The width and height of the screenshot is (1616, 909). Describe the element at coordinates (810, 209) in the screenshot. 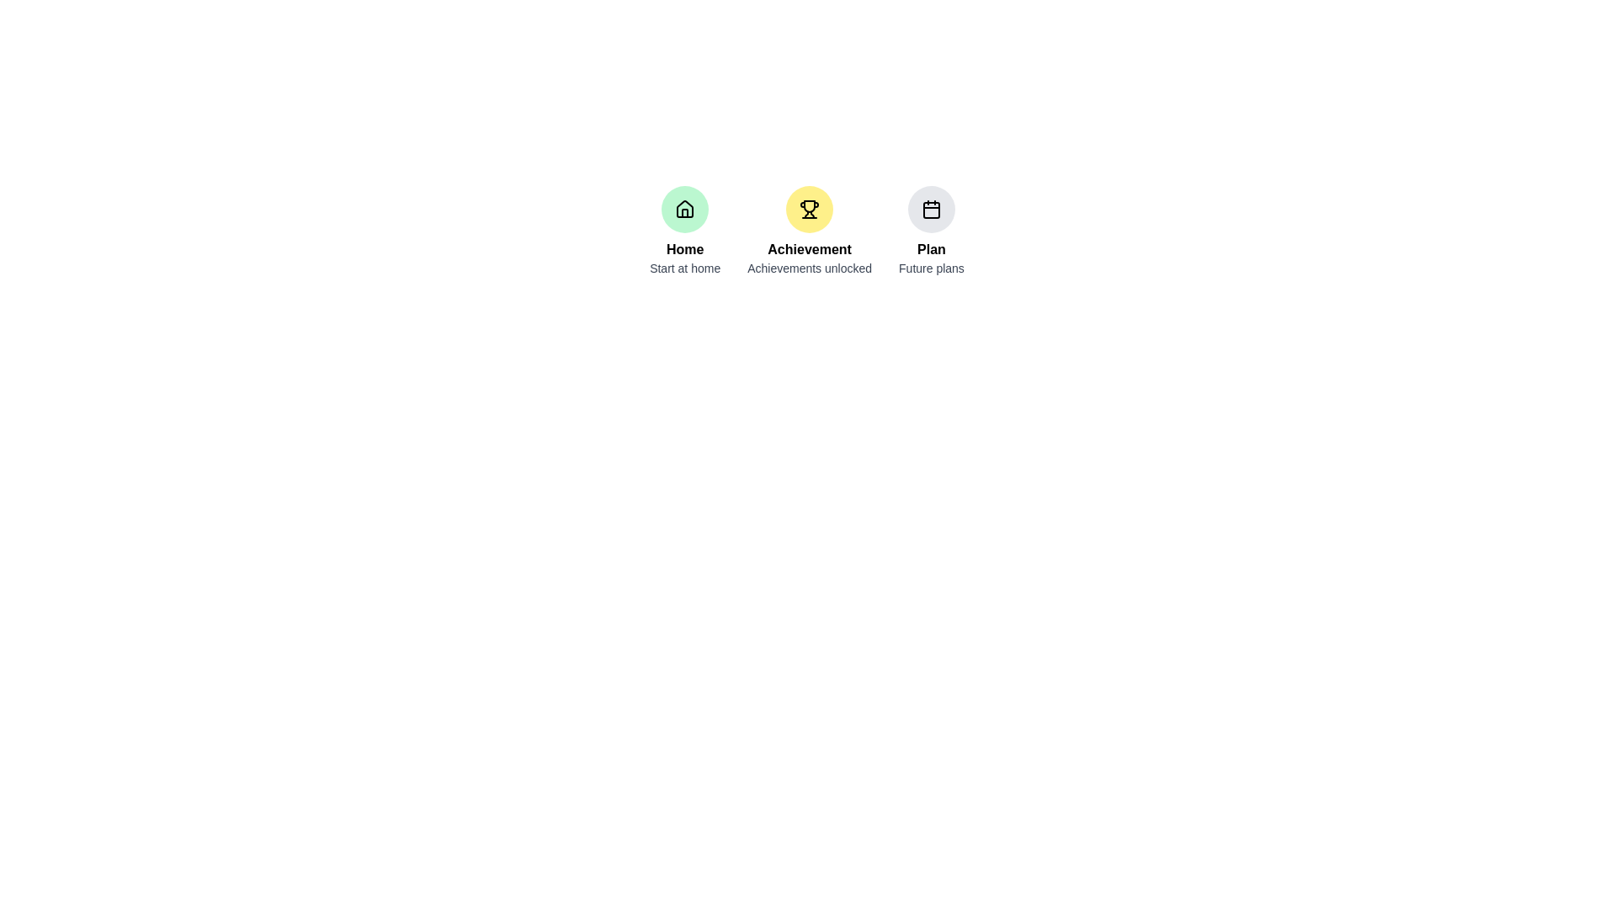

I see `the topmost circular icon within the 'Achievement' section, which indicates an unlocked or active status` at that location.